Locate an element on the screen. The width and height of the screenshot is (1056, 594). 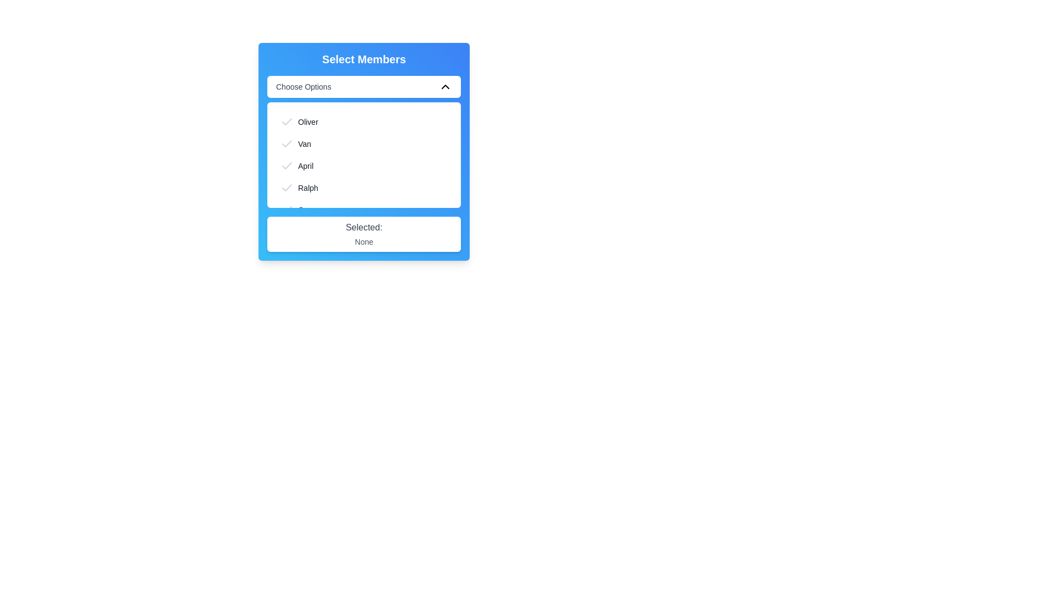
the text label reading 'April', which is the third item in a vertical list of selectable items, to perform special selection actions is located at coordinates (306, 166).